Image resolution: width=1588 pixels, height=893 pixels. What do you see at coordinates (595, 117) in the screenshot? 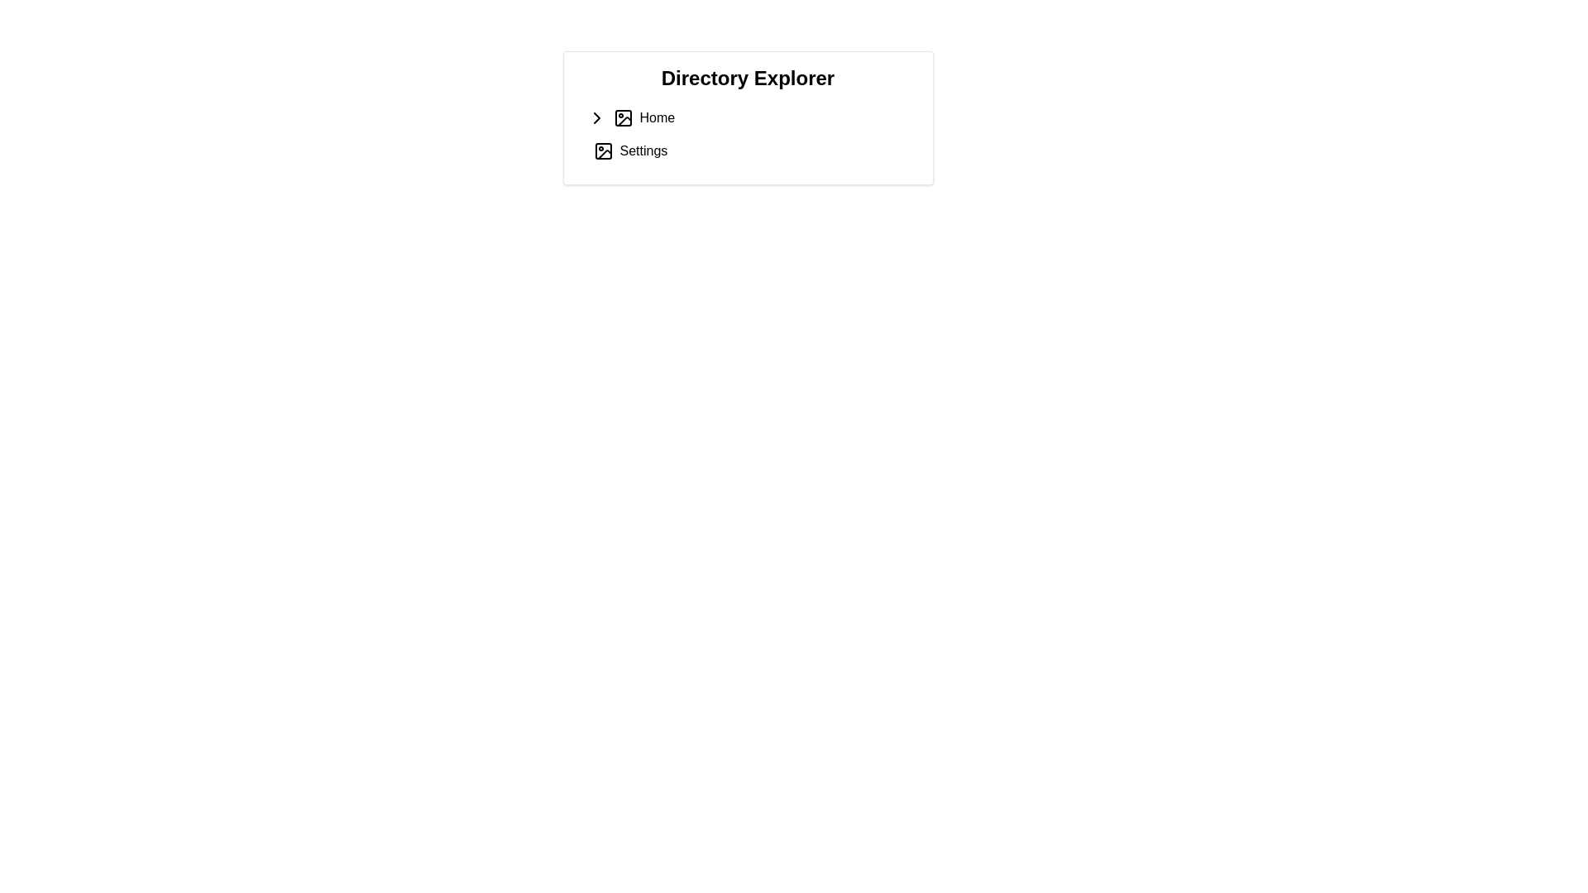
I see `the chevron icon located to the right edge of the 'Home' option in the directory explorer interface as a visual indicator for navigation` at bounding box center [595, 117].